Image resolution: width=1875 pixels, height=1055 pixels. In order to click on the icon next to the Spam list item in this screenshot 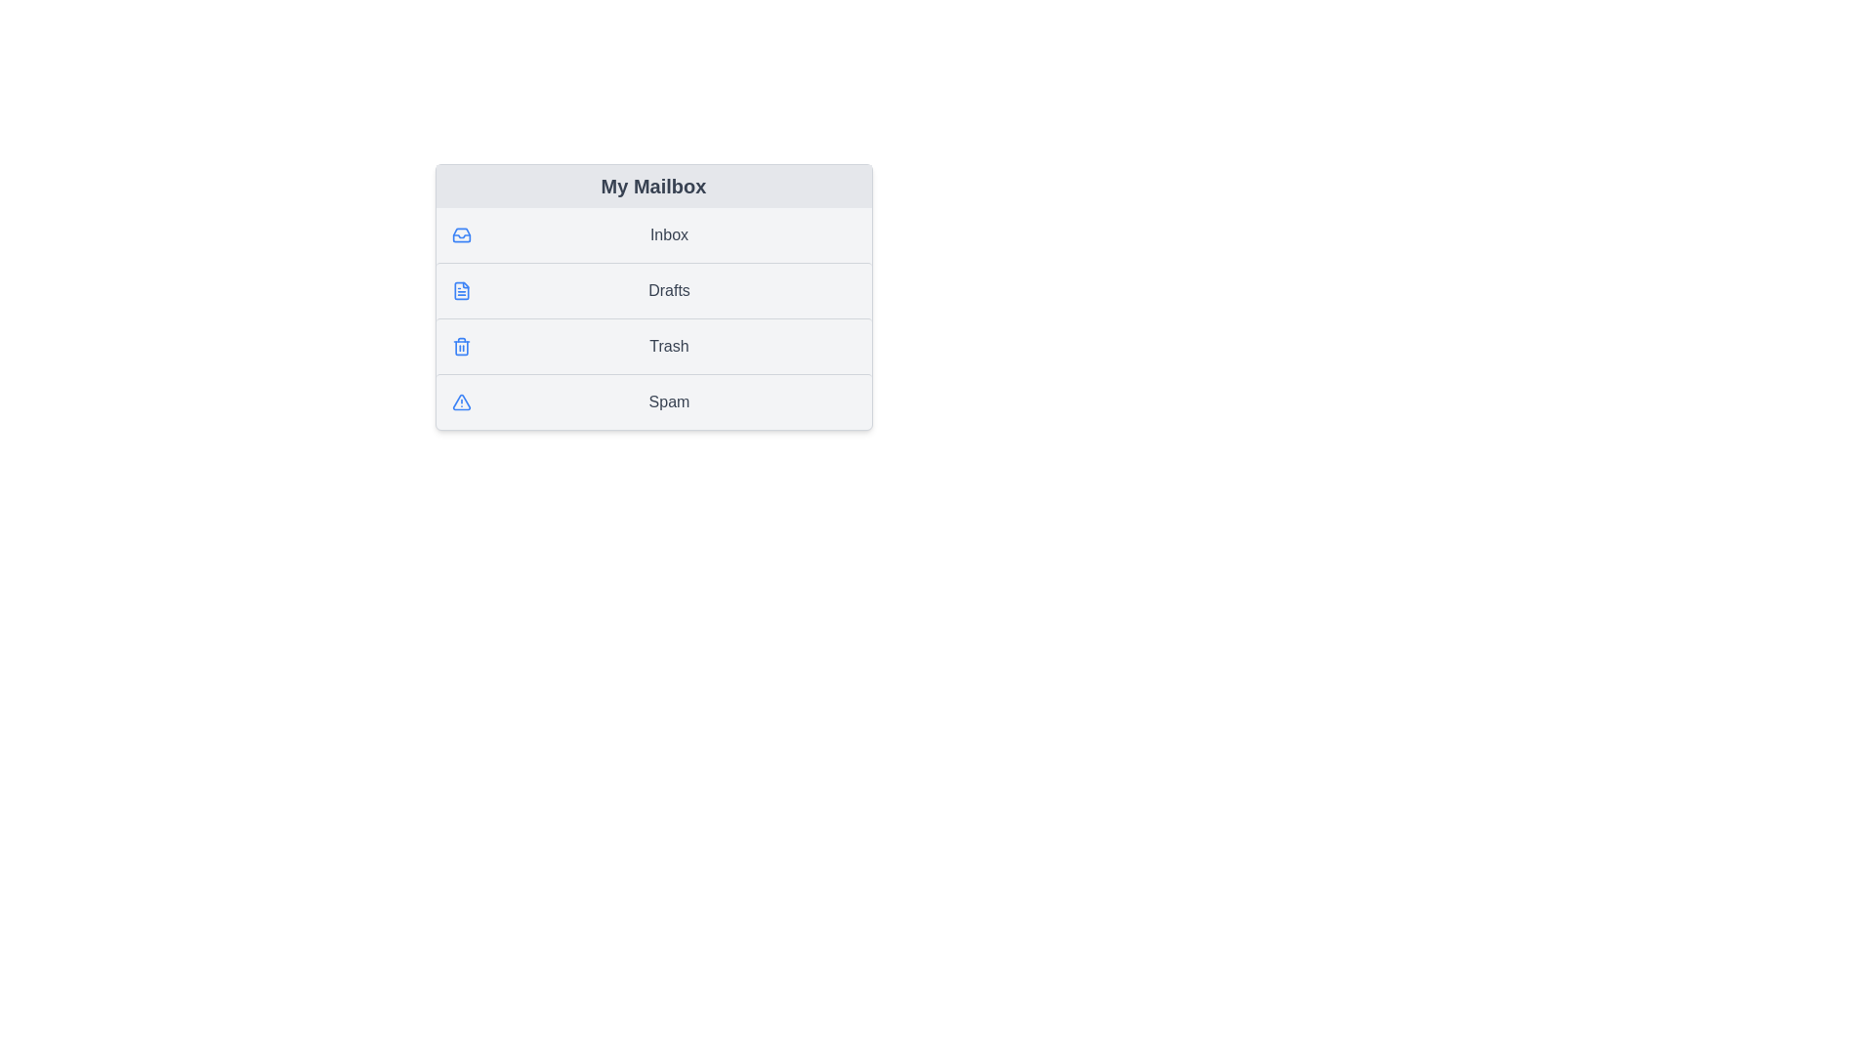, I will do `click(460, 401)`.